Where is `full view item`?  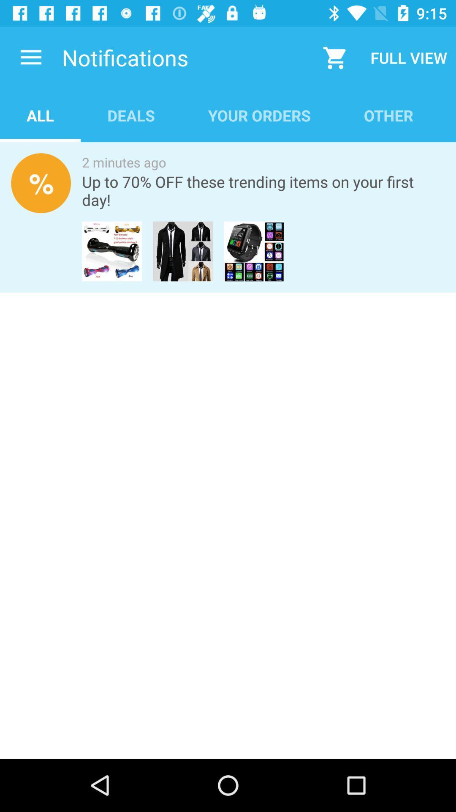 full view item is located at coordinates (408, 57).